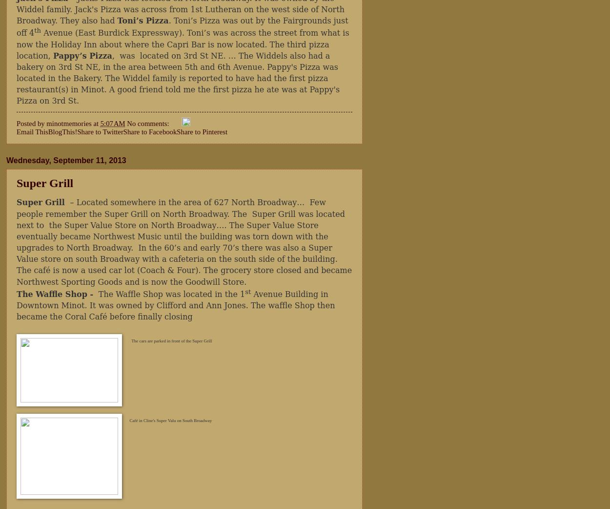  What do you see at coordinates (142, 20) in the screenshot?
I see `'Toni’s Pizza'` at bounding box center [142, 20].